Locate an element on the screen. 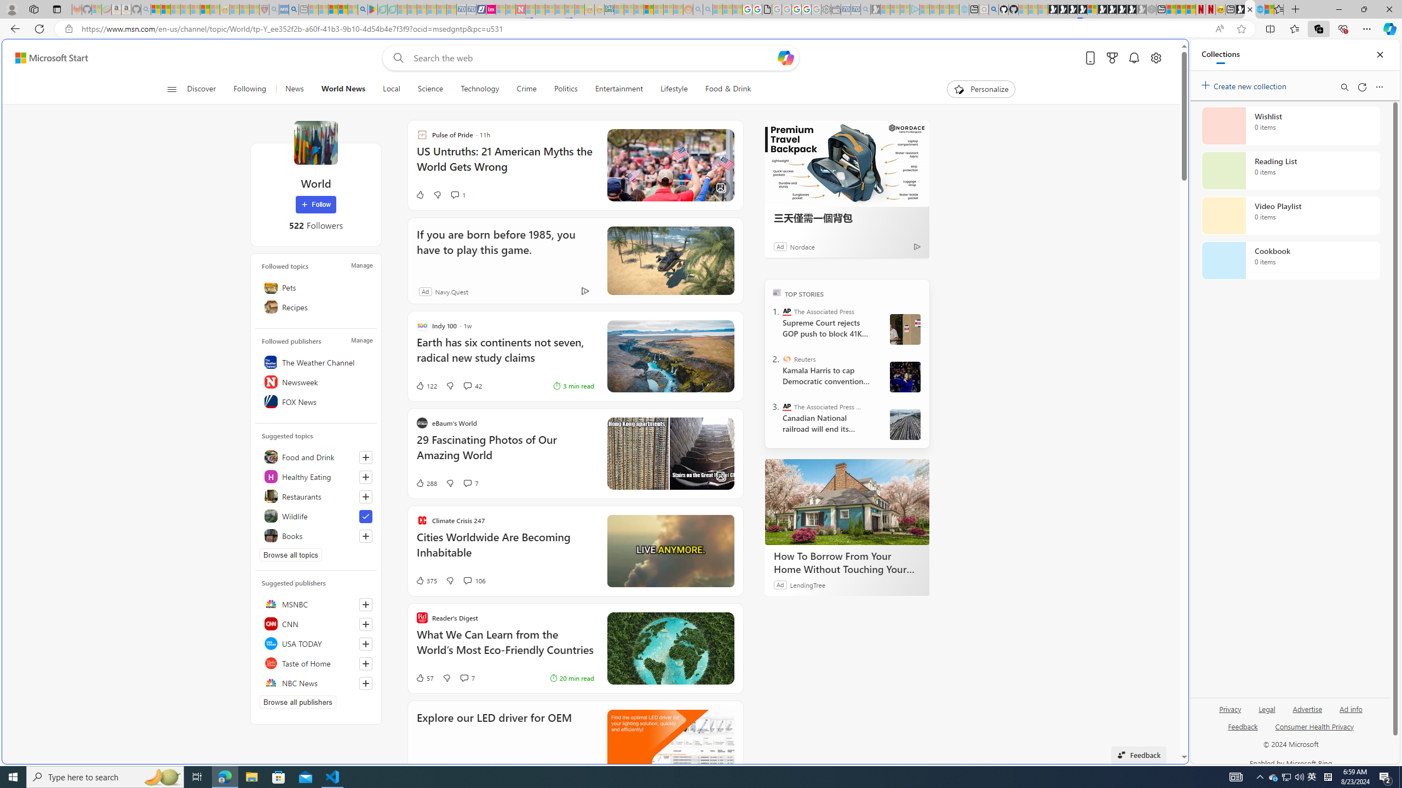 The height and width of the screenshot is (788, 1402). 'Follow this source' is located at coordinates (366, 683).